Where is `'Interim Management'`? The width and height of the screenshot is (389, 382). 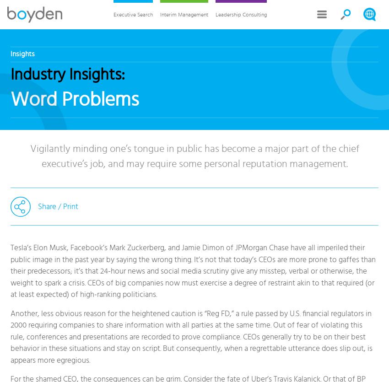 'Interim Management' is located at coordinates (184, 14).